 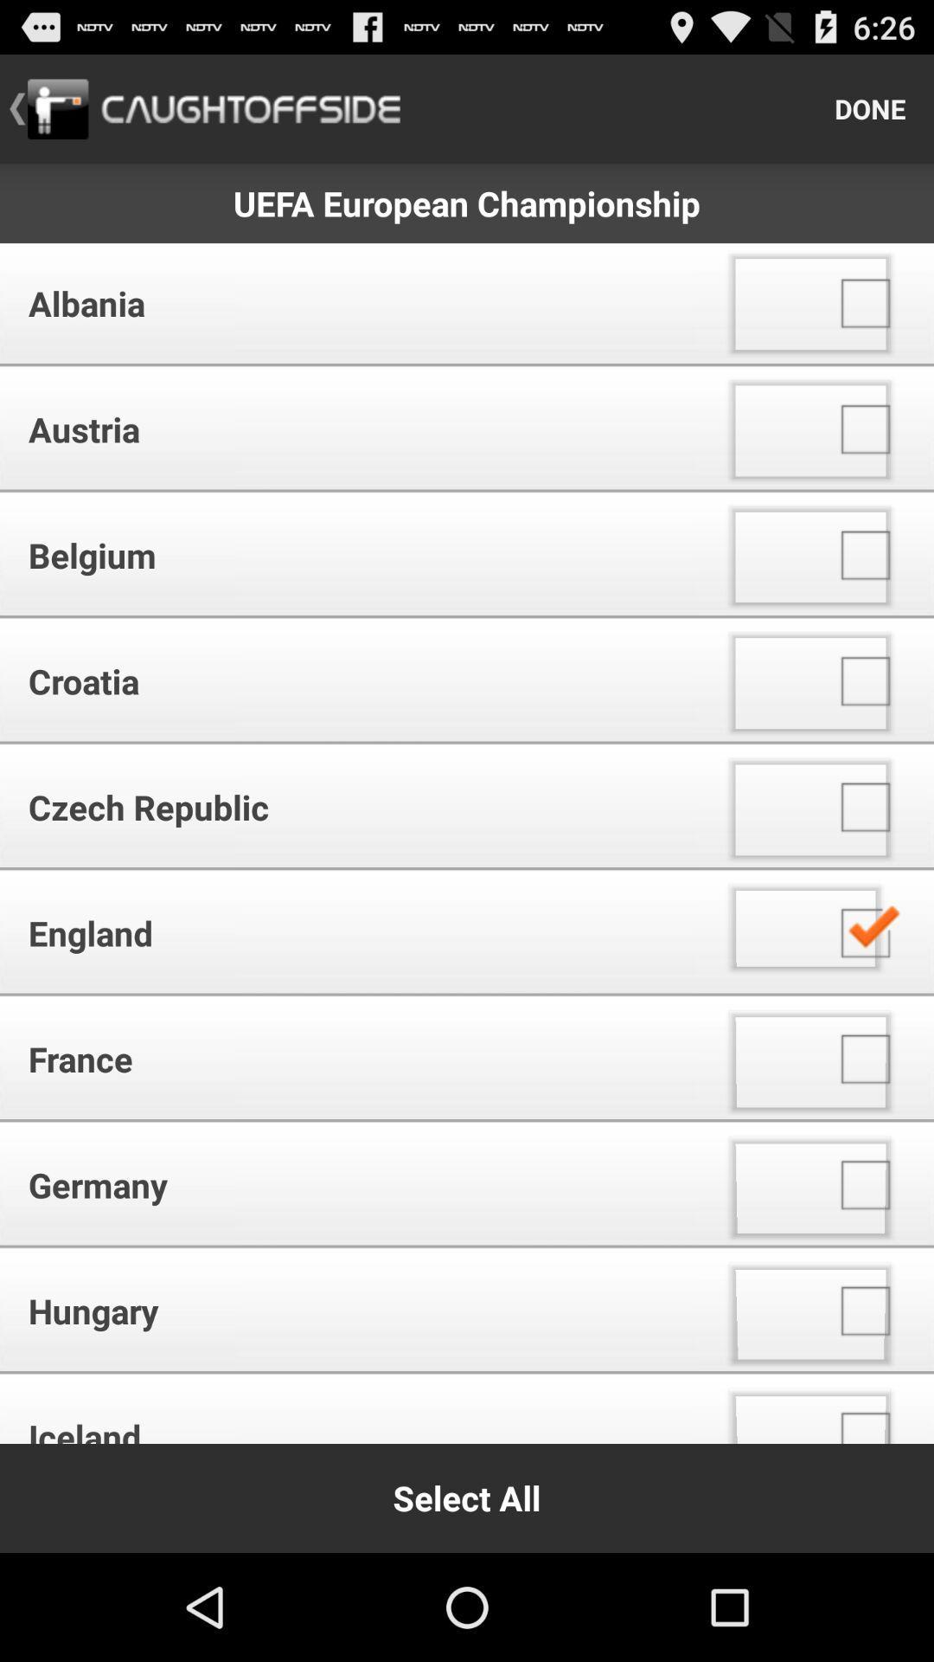 I want to click on croatia item, so click(x=354, y=680).